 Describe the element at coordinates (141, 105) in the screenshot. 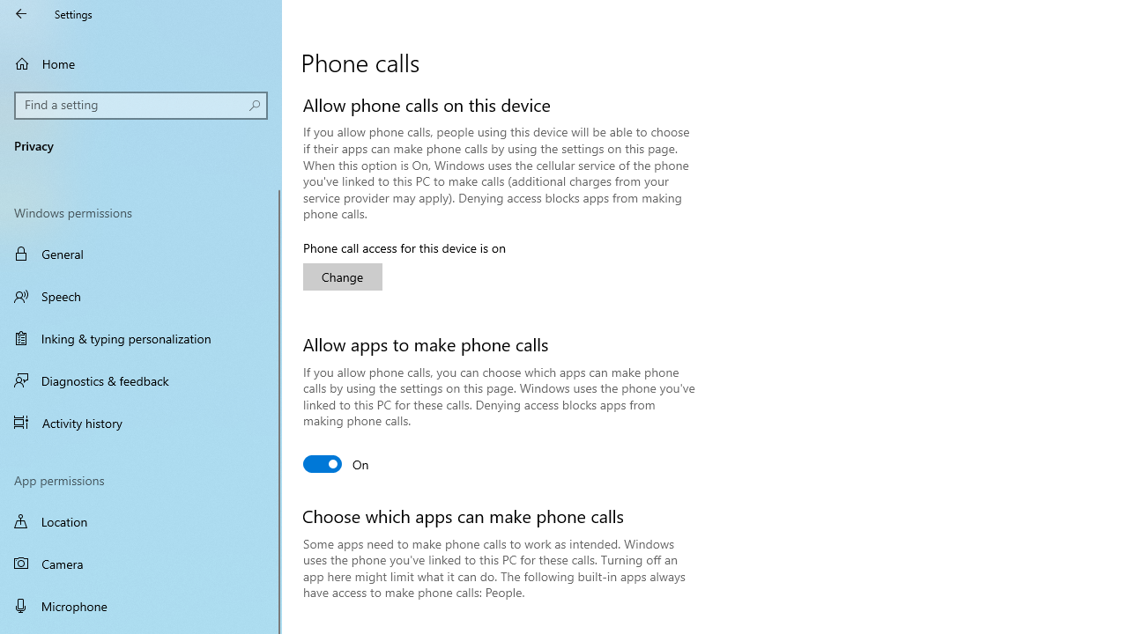

I see `'Search box, Find a setting'` at that location.